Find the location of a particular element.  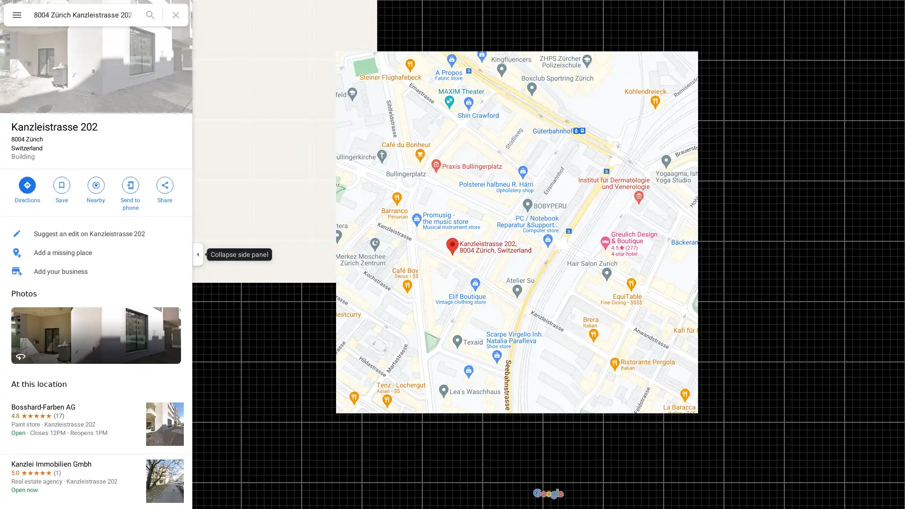

Directions to Kanzleistrasse 202 is located at coordinates (27, 189).